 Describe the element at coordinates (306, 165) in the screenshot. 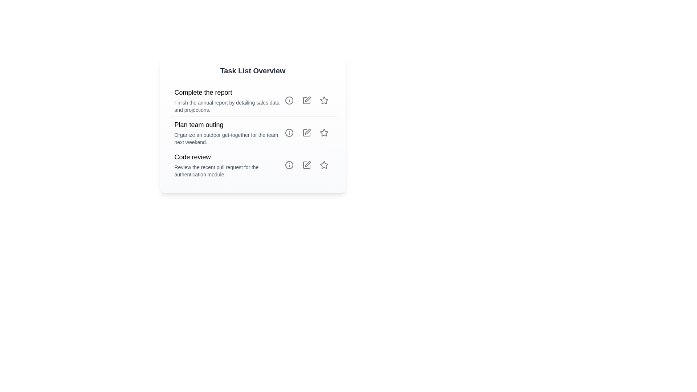

I see `the middle action icon button associated with the 'Code review' task` at that location.